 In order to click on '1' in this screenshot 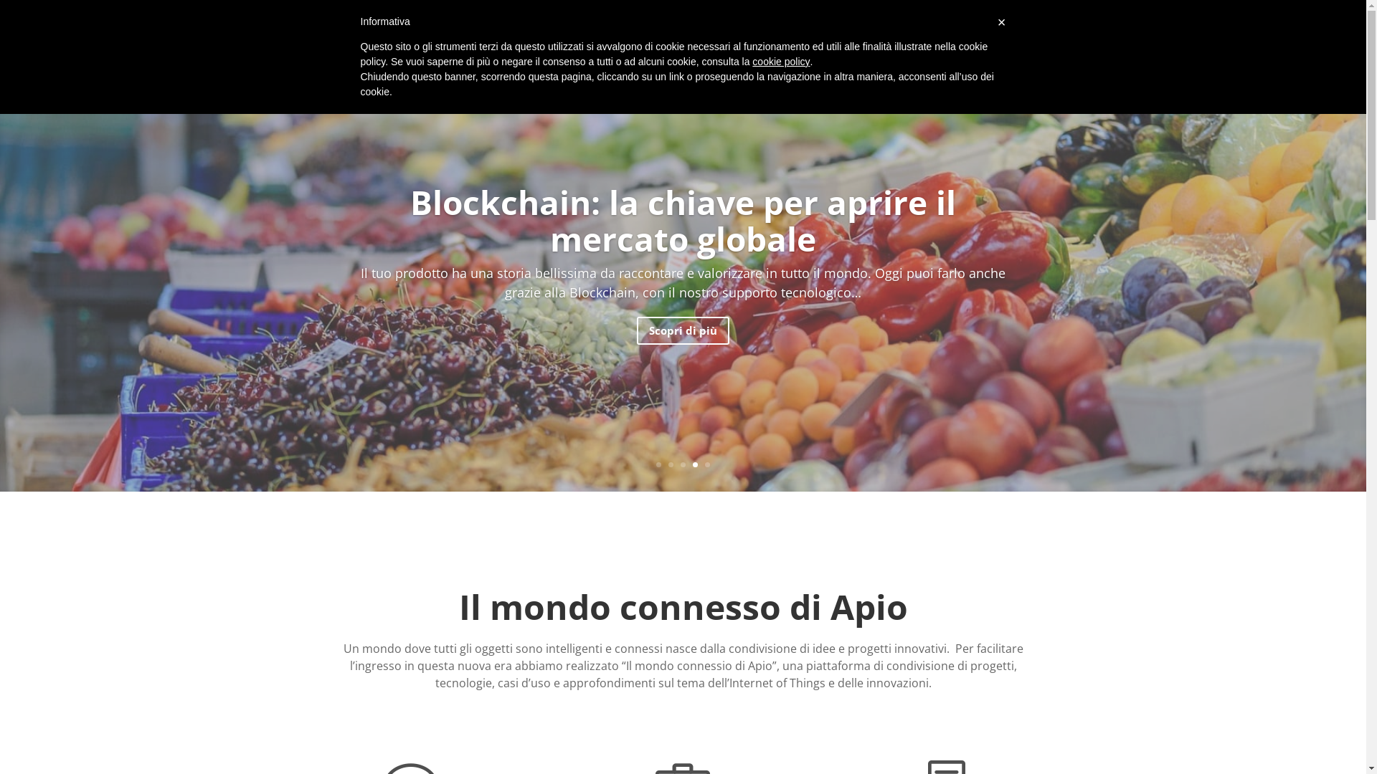, I will do `click(658, 464)`.